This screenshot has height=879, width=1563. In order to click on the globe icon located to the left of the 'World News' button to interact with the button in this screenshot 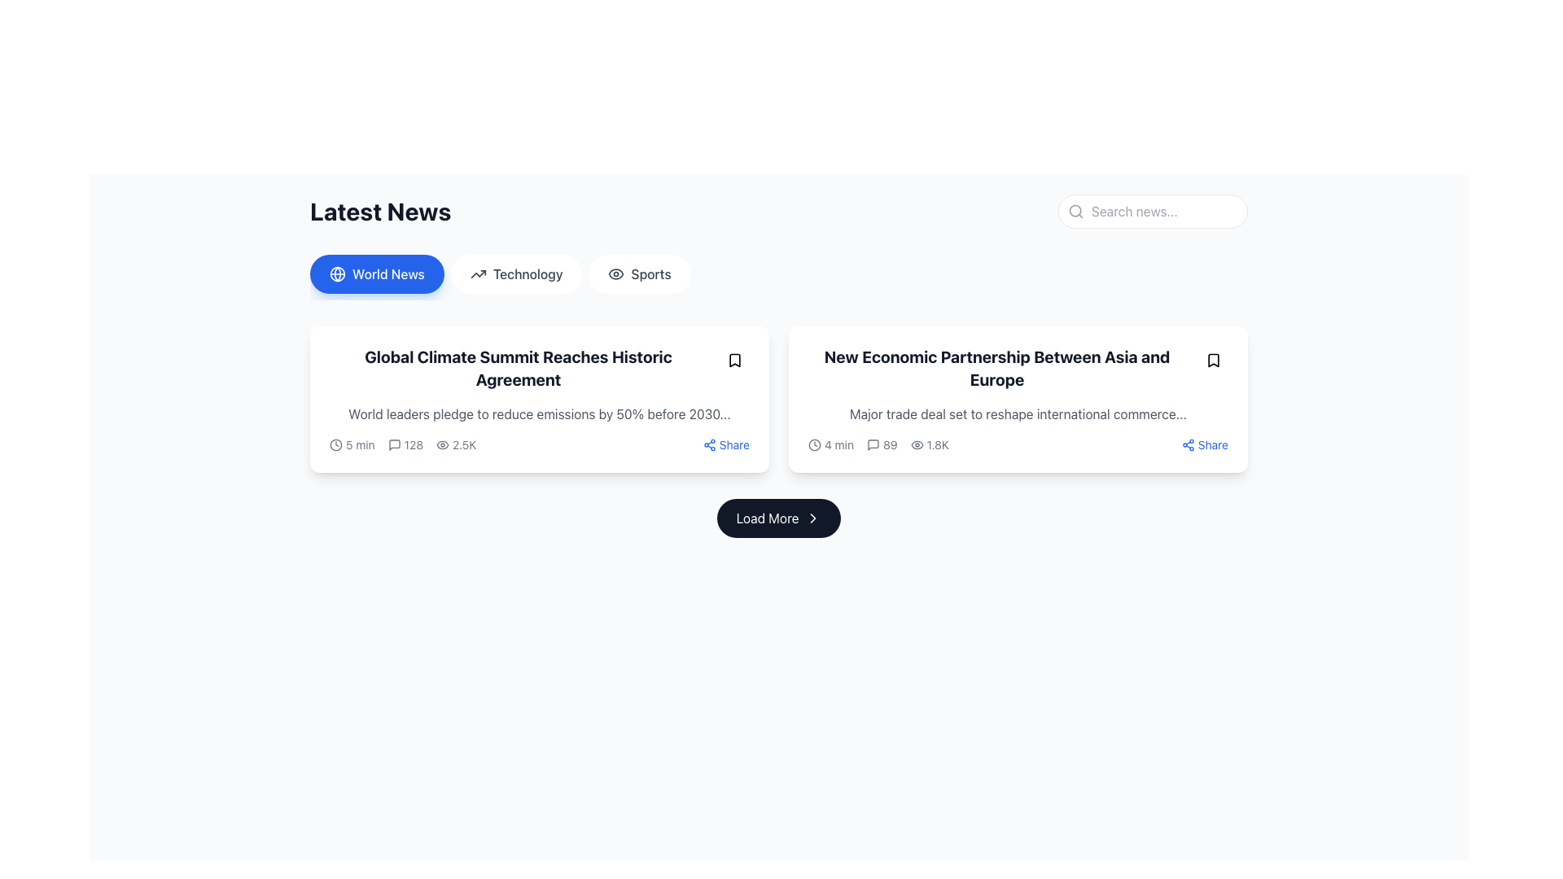, I will do `click(336, 273)`.